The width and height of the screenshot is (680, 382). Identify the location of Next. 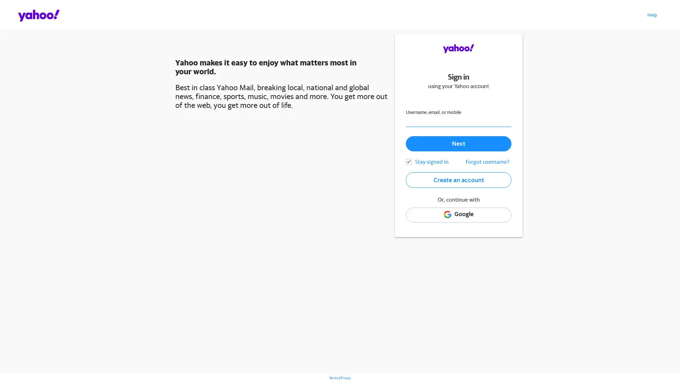
(458, 143).